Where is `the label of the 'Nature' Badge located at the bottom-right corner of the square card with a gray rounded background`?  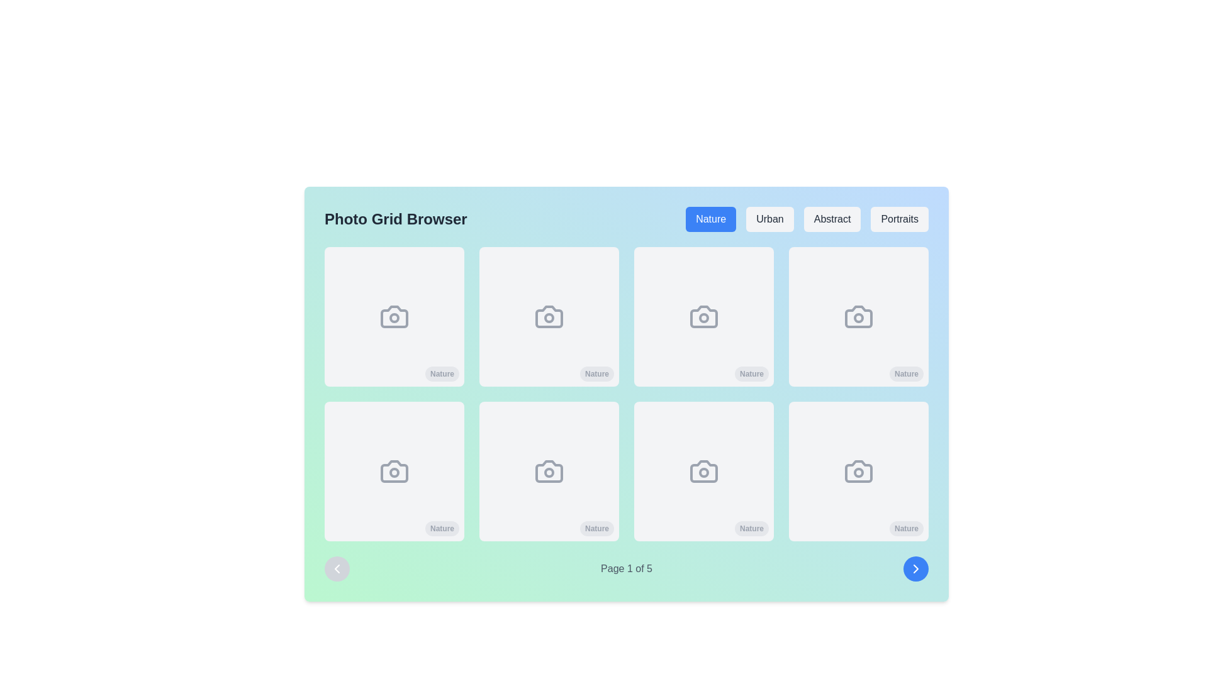
the label of the 'Nature' Badge located at the bottom-right corner of the square card with a gray rounded background is located at coordinates (906, 373).